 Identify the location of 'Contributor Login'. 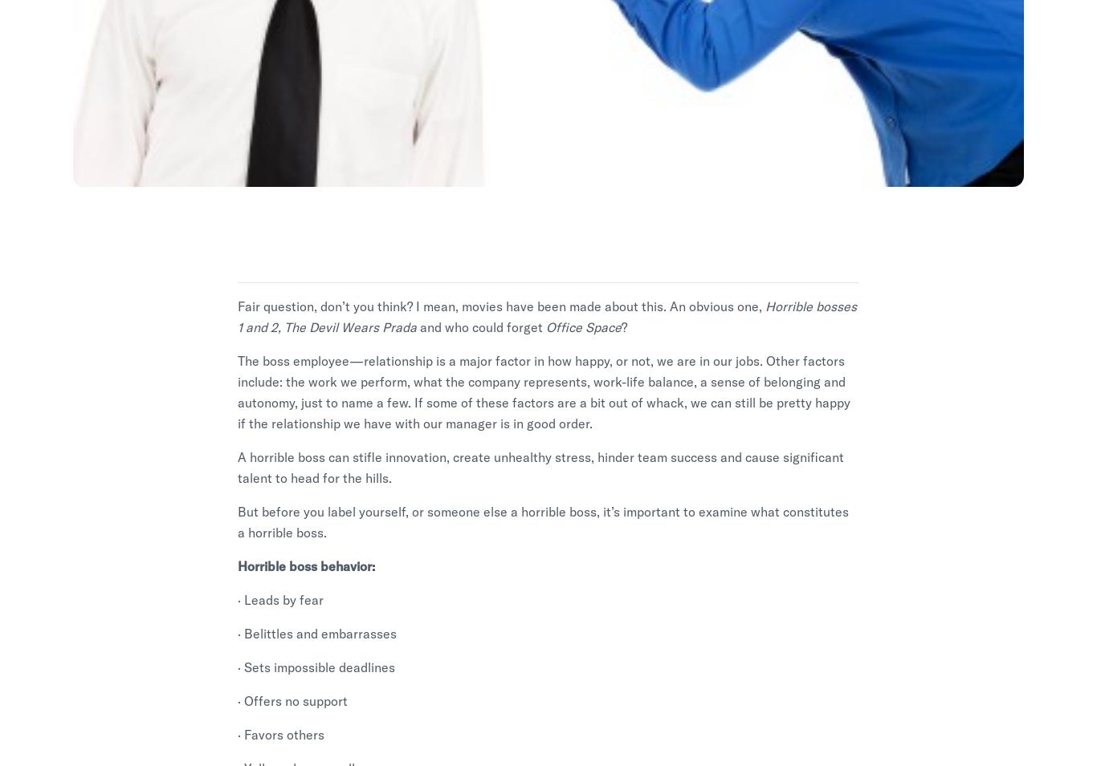
(936, 518).